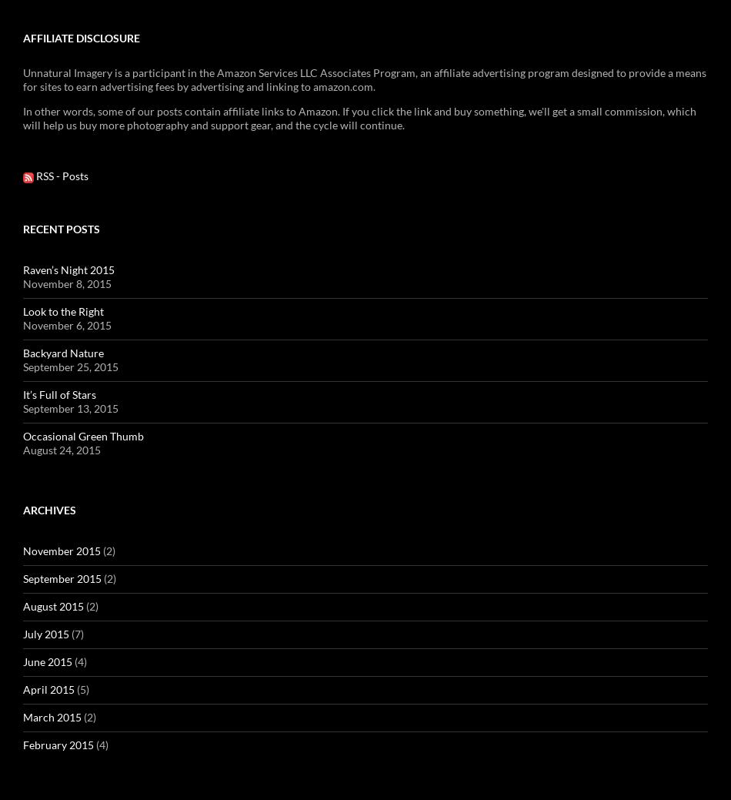 This screenshot has height=800, width=731. Describe the element at coordinates (539, 294) in the screenshot. I see `'.'` at that location.